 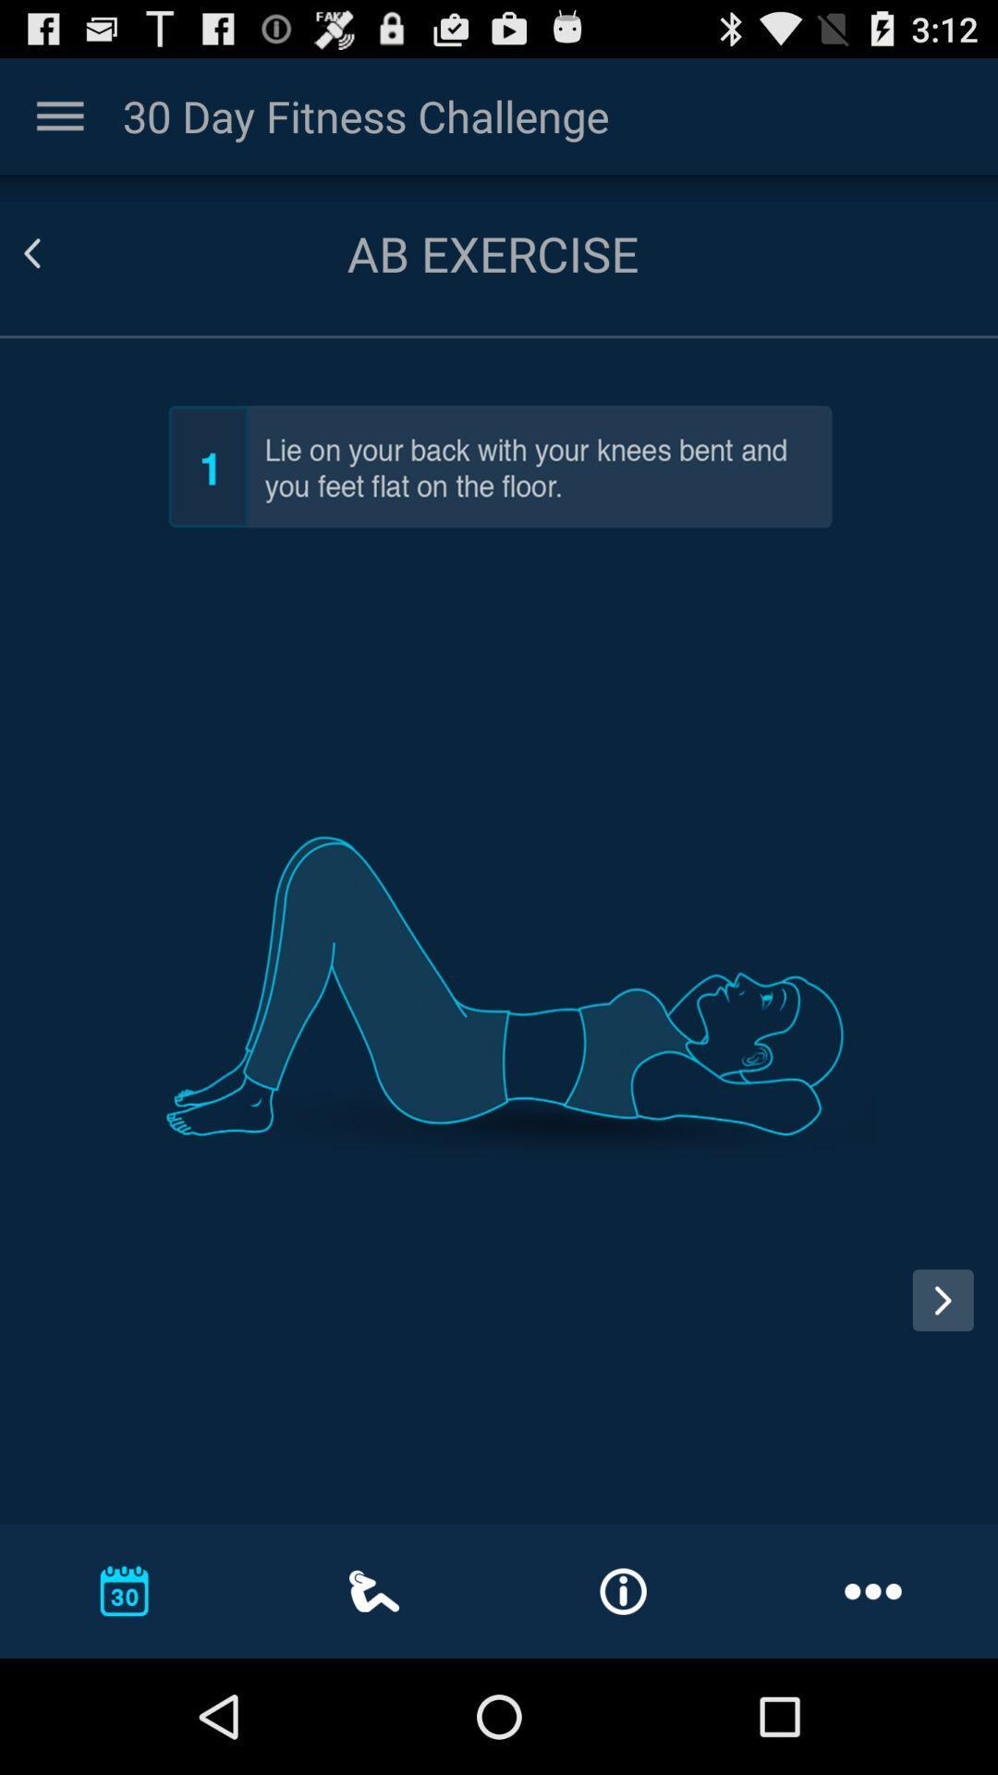 What do you see at coordinates (949, 1316) in the screenshot?
I see `advance to next page` at bounding box center [949, 1316].